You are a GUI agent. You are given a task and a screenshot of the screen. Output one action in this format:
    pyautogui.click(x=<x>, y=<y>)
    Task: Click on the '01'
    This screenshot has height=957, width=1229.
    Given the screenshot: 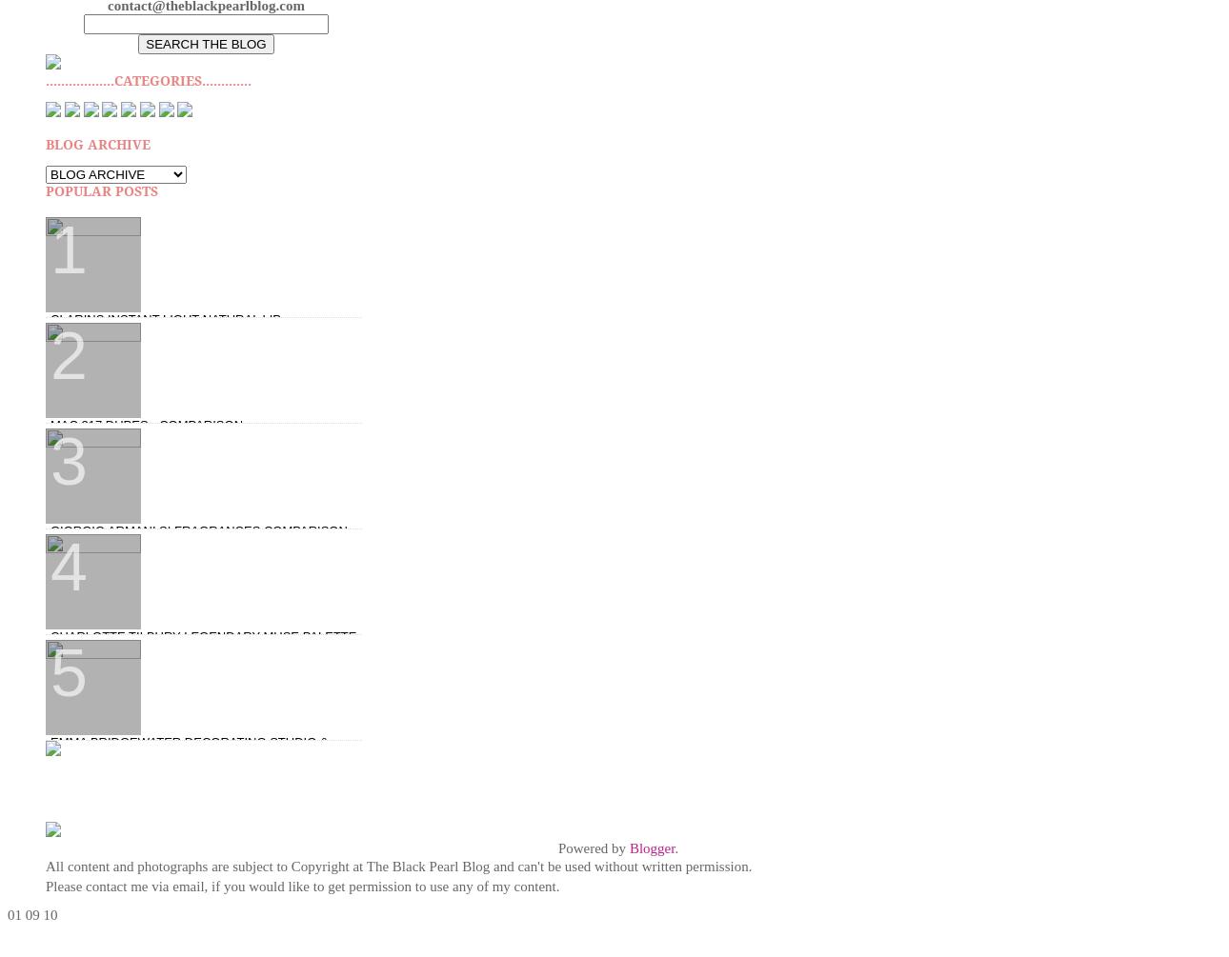 What is the action you would take?
    pyautogui.click(x=6, y=912)
    